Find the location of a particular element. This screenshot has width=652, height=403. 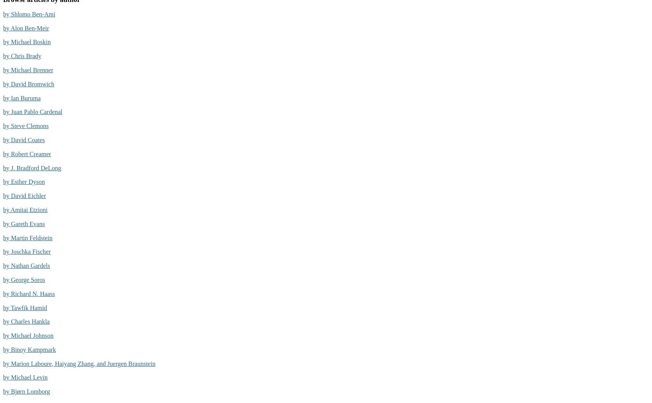

'by Steve Clemons' is located at coordinates (25, 126).